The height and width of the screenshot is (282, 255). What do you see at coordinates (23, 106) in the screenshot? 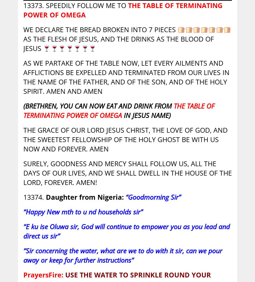
I see `'(BRETHREN, YOU CAN NOW EAT AND DRINK FROM'` at bounding box center [23, 106].